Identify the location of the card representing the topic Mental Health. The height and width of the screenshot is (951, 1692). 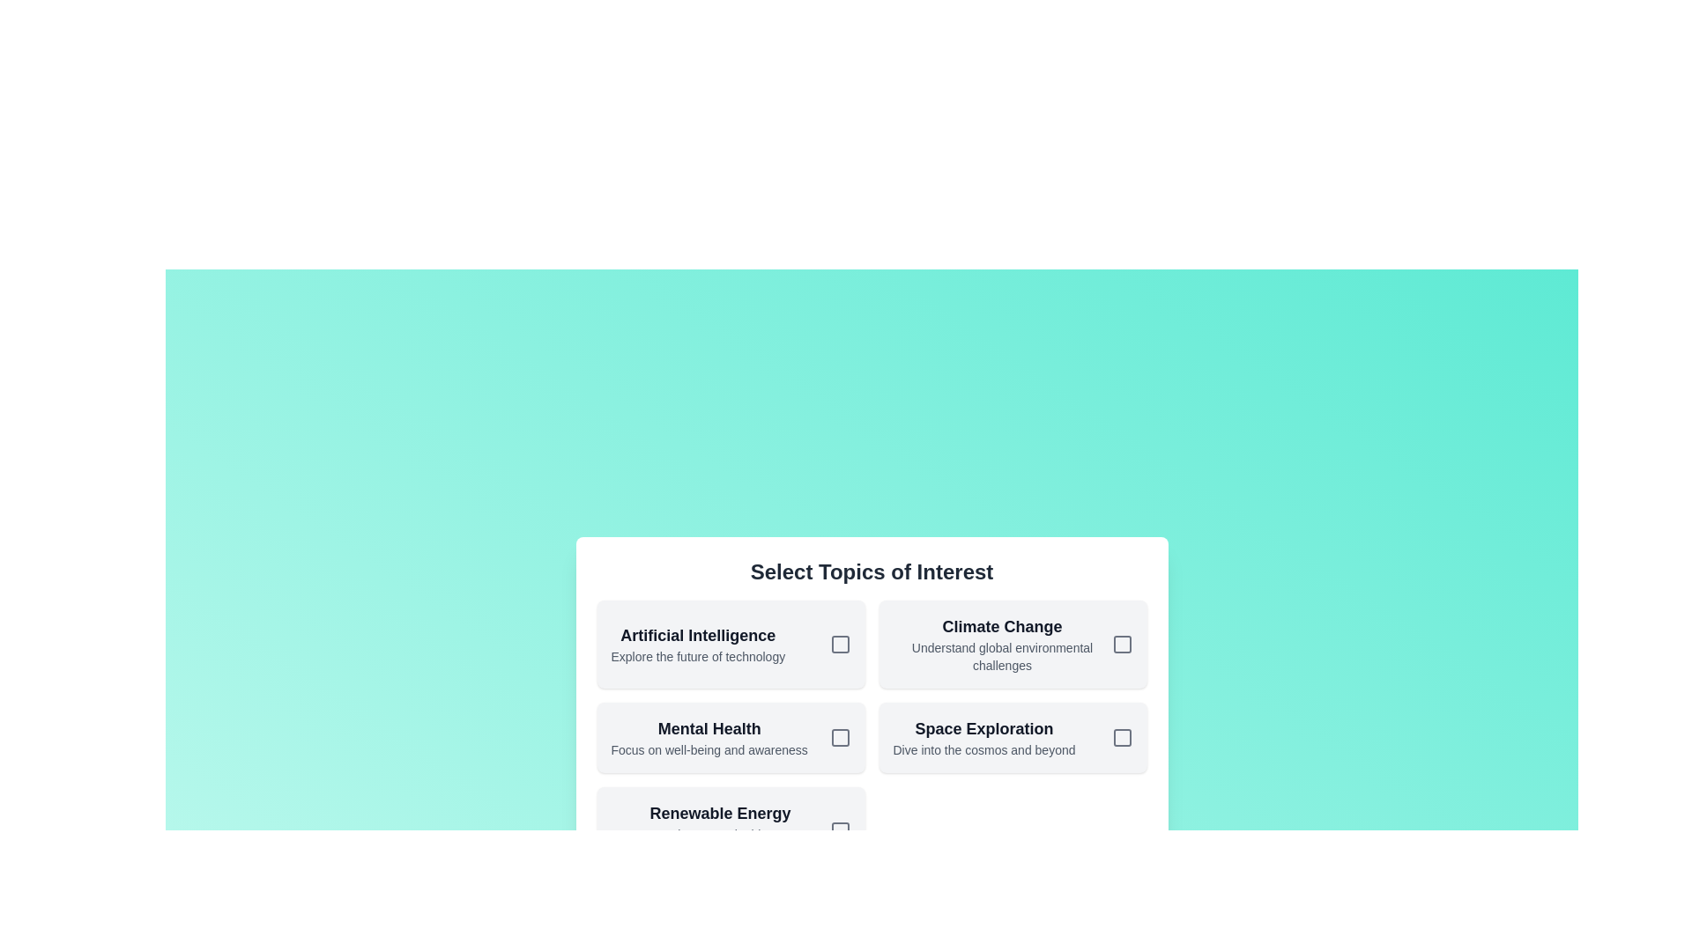
(731, 737).